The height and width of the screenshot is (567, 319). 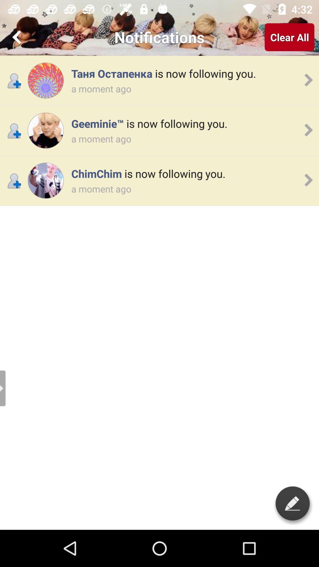 I want to click on see profile, so click(x=45, y=130).